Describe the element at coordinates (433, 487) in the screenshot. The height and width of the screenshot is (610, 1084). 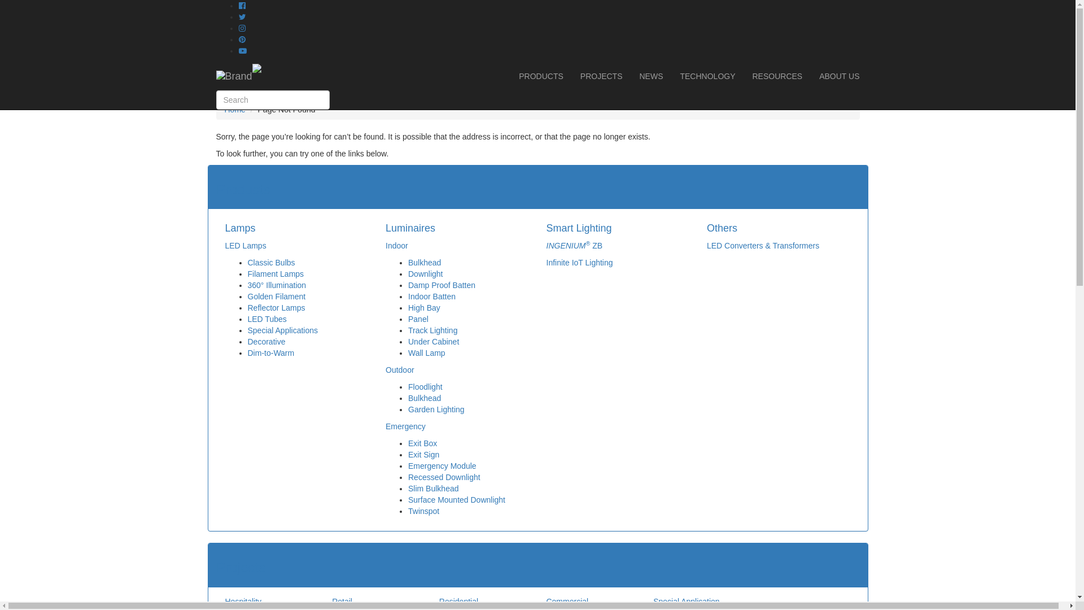
I see `'Slim Bulkhead'` at that location.